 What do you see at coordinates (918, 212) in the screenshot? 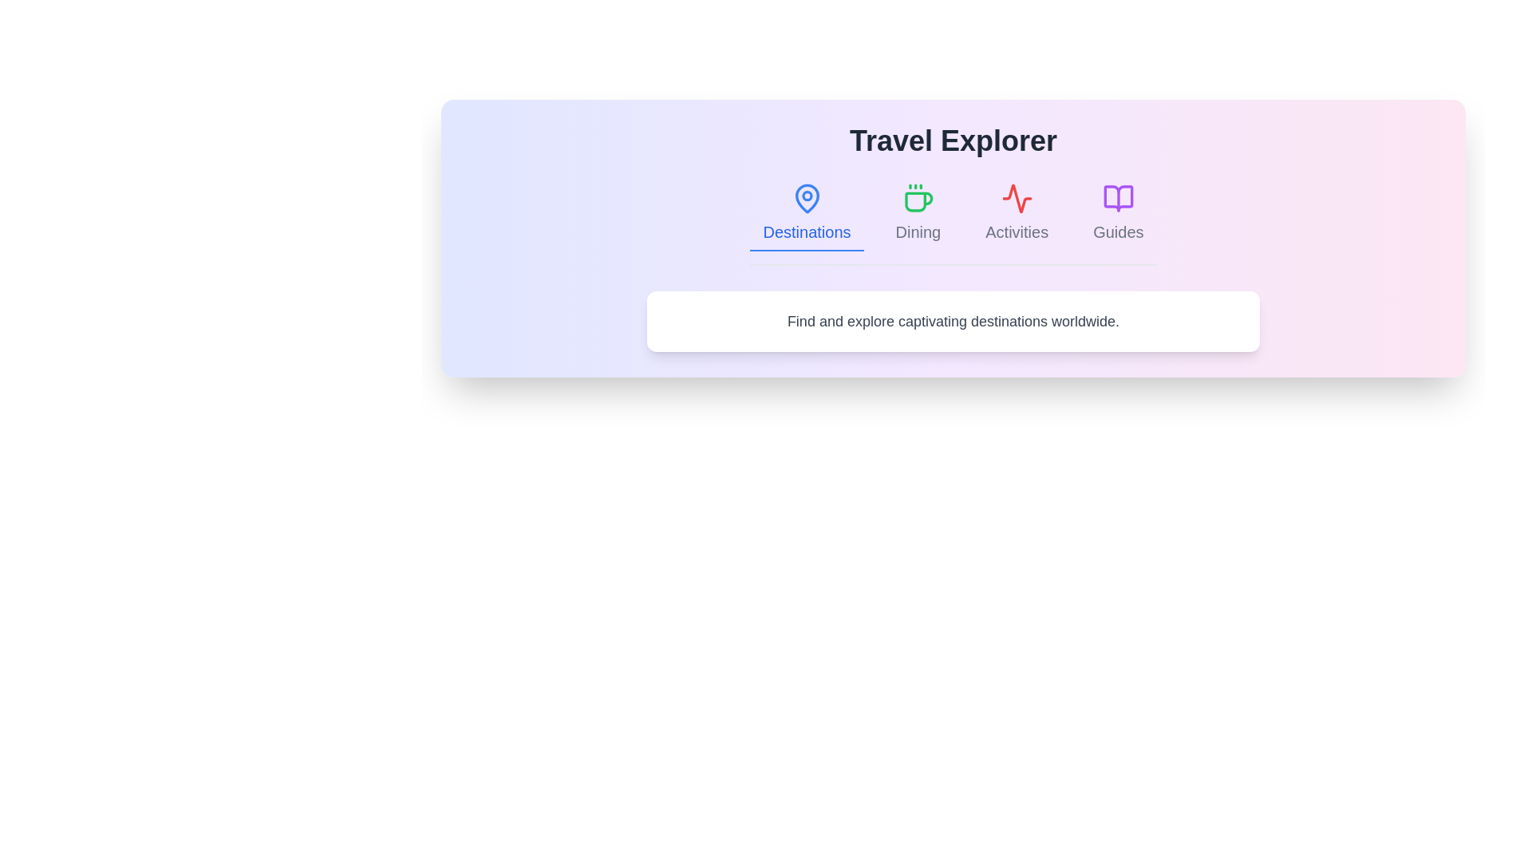
I see `the tab labeled Dining to view its content` at bounding box center [918, 212].